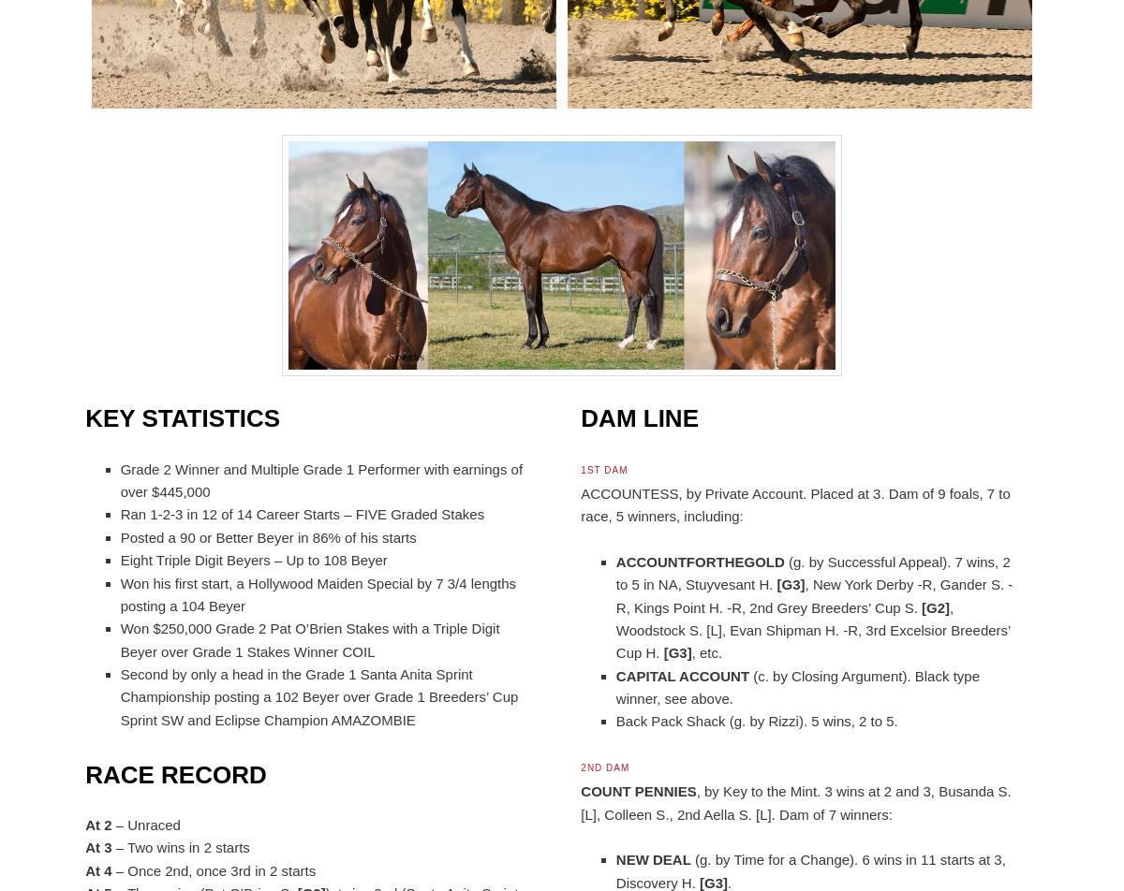  I want to click on 'CAPITAL ACCOUNT', so click(682, 675).